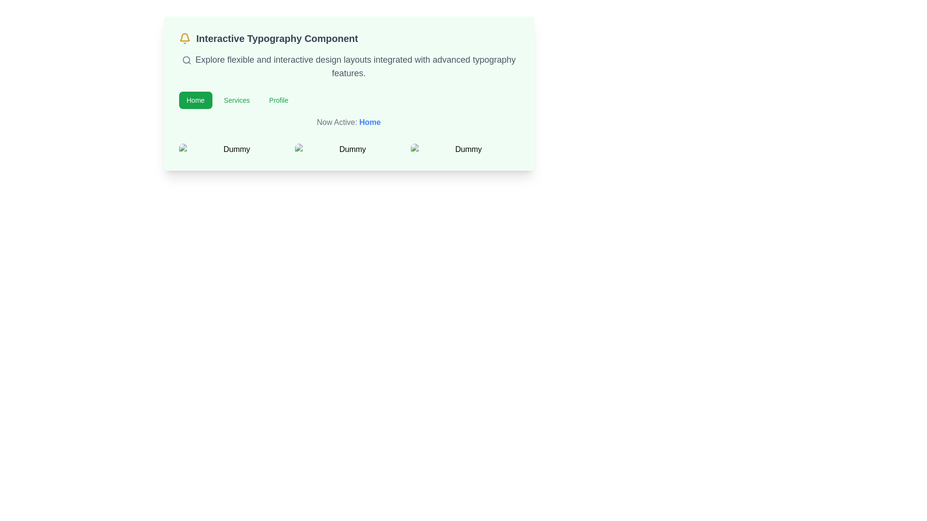 This screenshot has width=927, height=521. What do you see at coordinates (348, 66) in the screenshot?
I see `the informational text element that introduces the features of the interface, which is located below the heading 'Interactive Typography Component'` at bounding box center [348, 66].